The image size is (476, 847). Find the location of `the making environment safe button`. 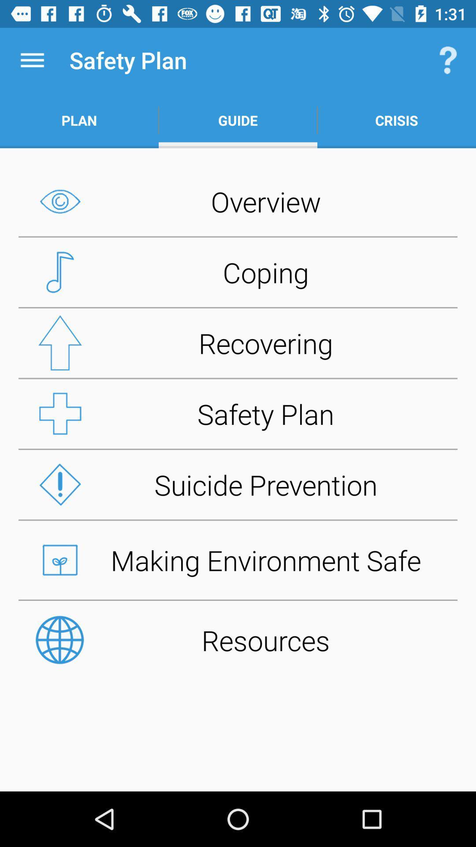

the making environment safe button is located at coordinates (238, 559).